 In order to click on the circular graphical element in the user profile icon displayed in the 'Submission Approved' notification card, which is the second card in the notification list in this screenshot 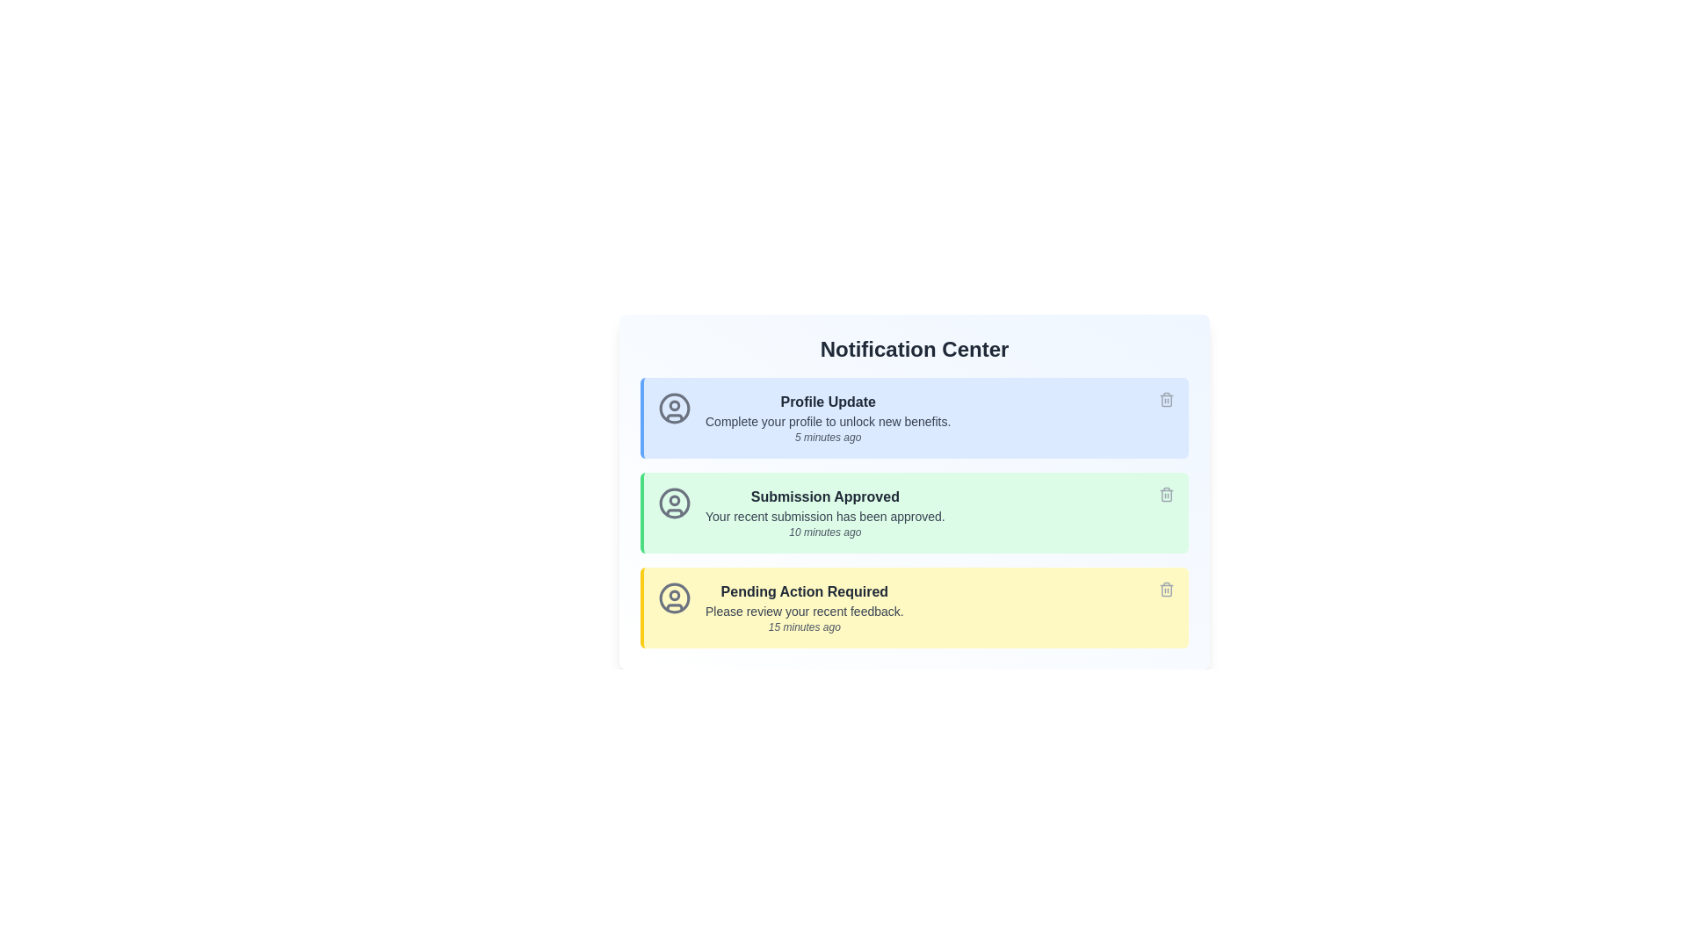, I will do `click(674, 503)`.